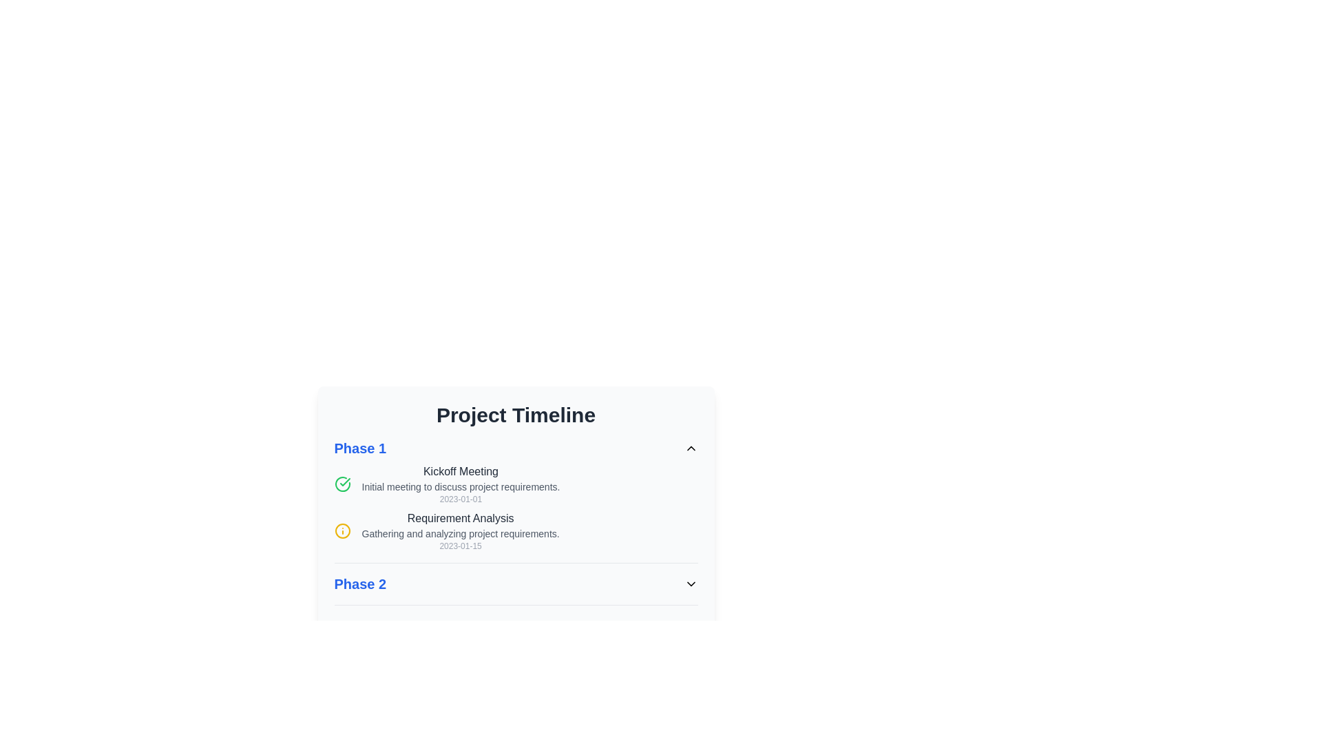 The image size is (1322, 744). What do you see at coordinates (342, 483) in the screenshot?
I see `the non-interactive green checkmark icon representing the completion status of the 'Kickoff Meeting' task, which is located at the start of the row under 'Phase 1' in the 'Project Timeline.'` at bounding box center [342, 483].